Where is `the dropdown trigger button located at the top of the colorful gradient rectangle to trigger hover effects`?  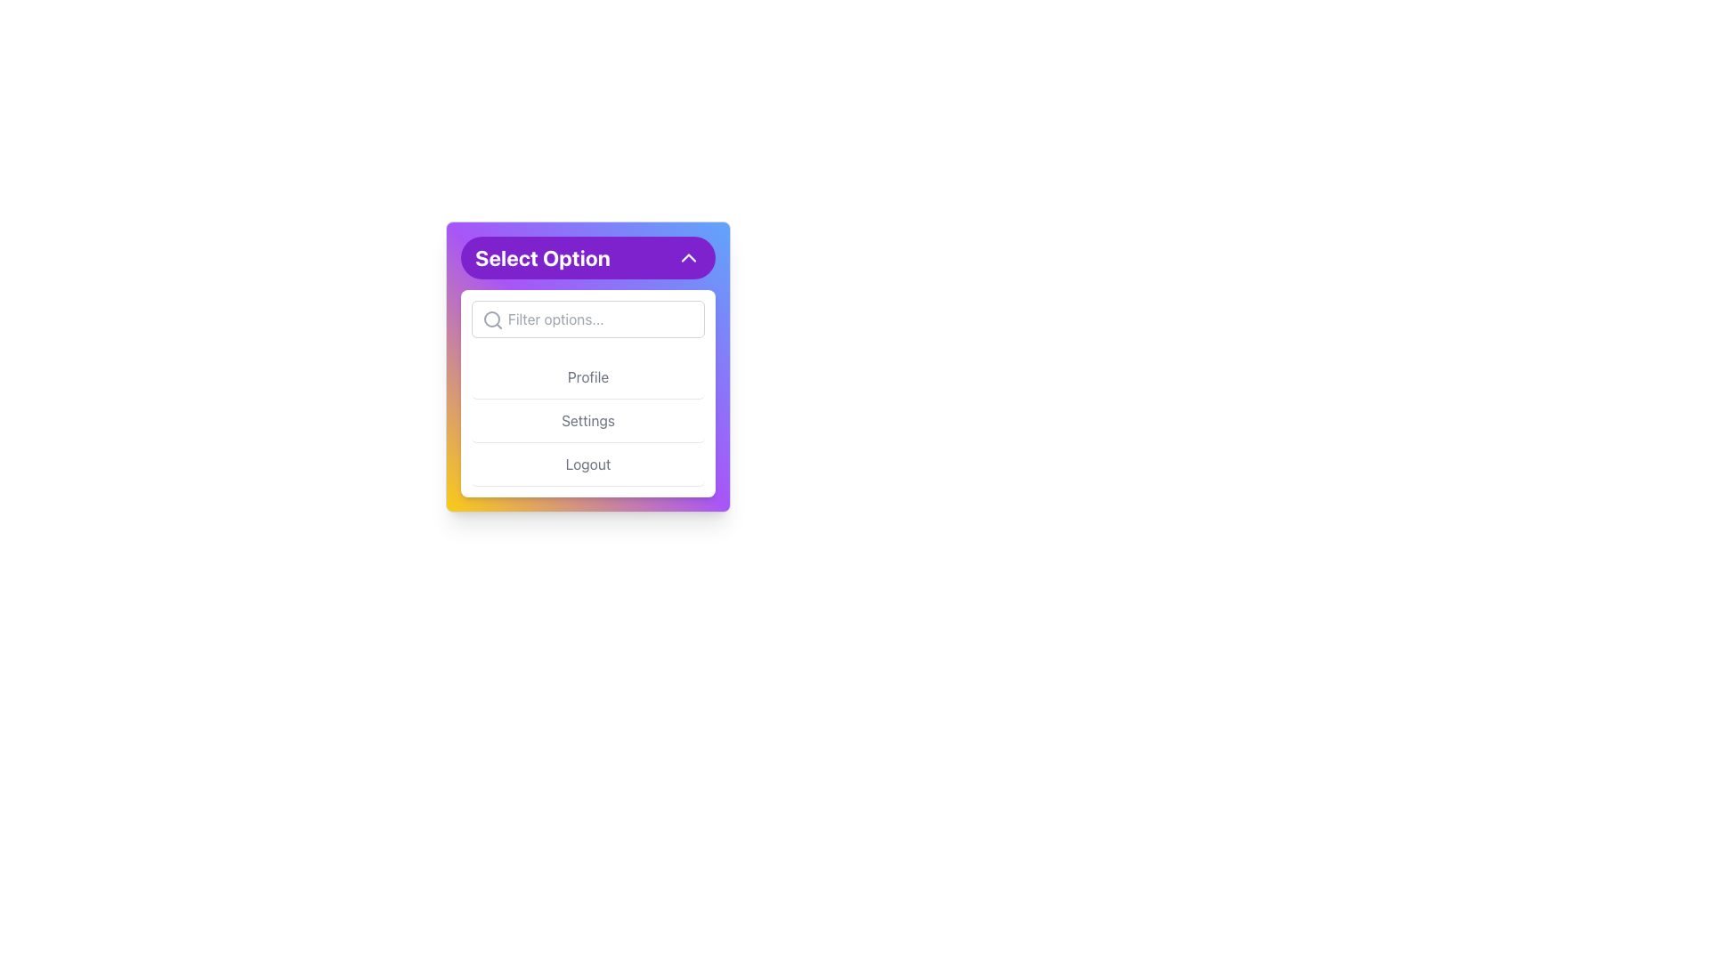
the dropdown trigger button located at the top of the colorful gradient rectangle to trigger hover effects is located at coordinates (588, 257).